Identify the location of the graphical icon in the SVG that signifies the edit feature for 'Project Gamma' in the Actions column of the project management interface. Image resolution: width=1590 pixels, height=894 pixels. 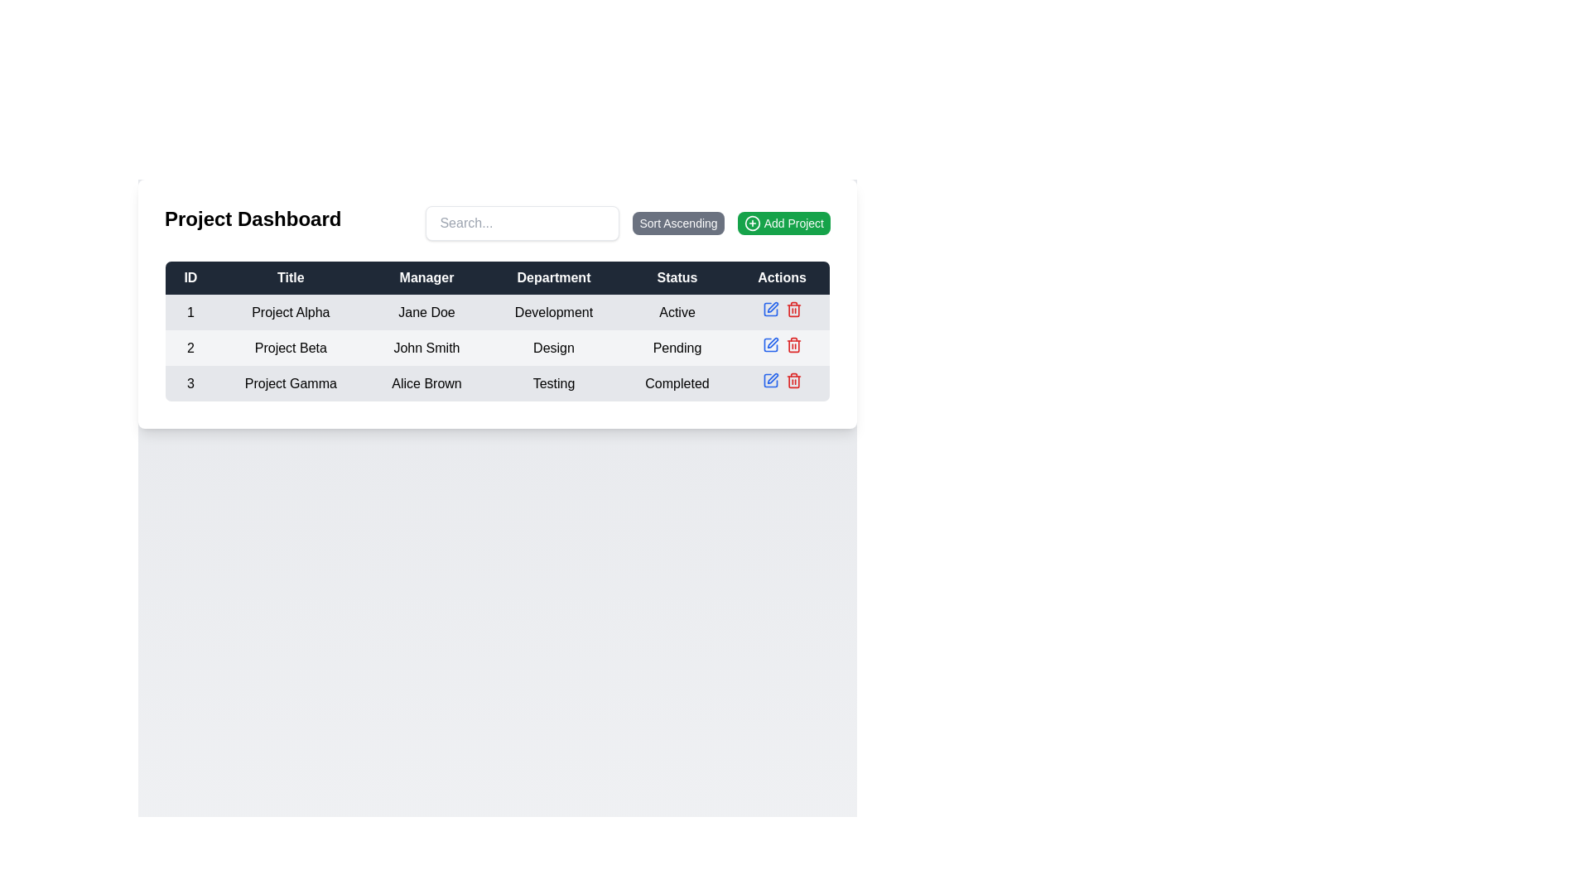
(769, 380).